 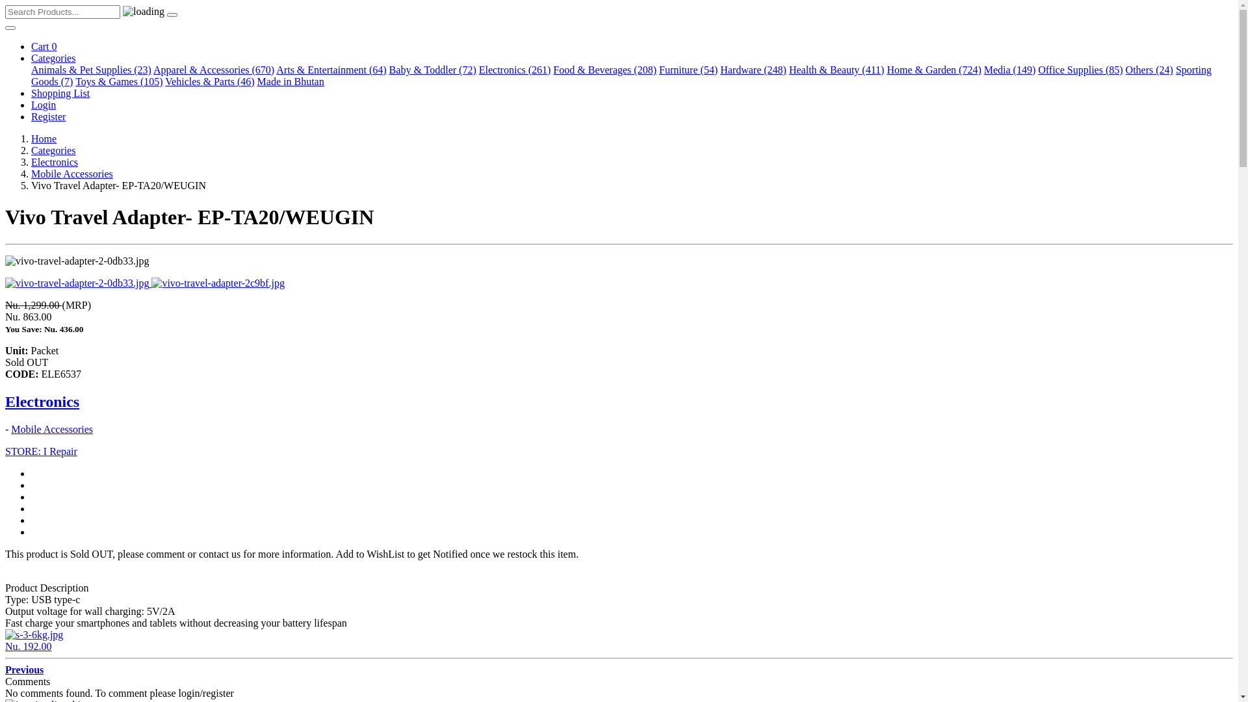 I want to click on 'Baby & Toddler (72)', so click(x=433, y=70).